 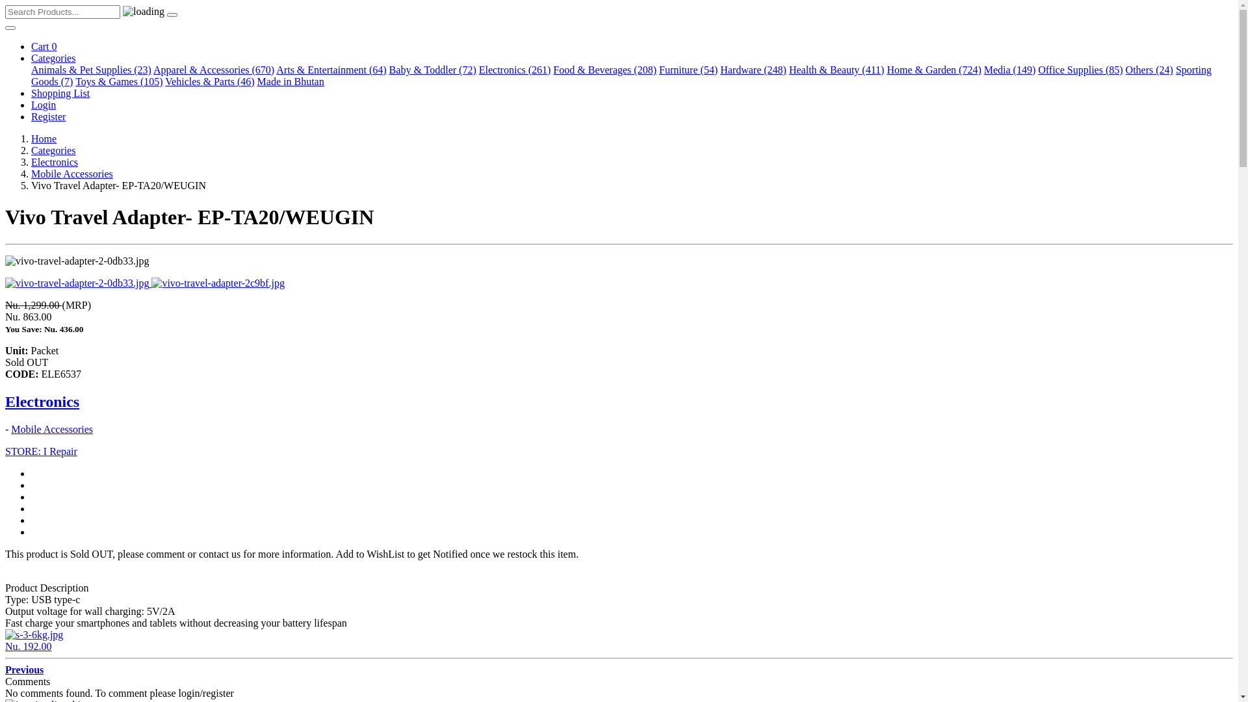 I want to click on 'Baby & Toddler (72)', so click(x=433, y=70).